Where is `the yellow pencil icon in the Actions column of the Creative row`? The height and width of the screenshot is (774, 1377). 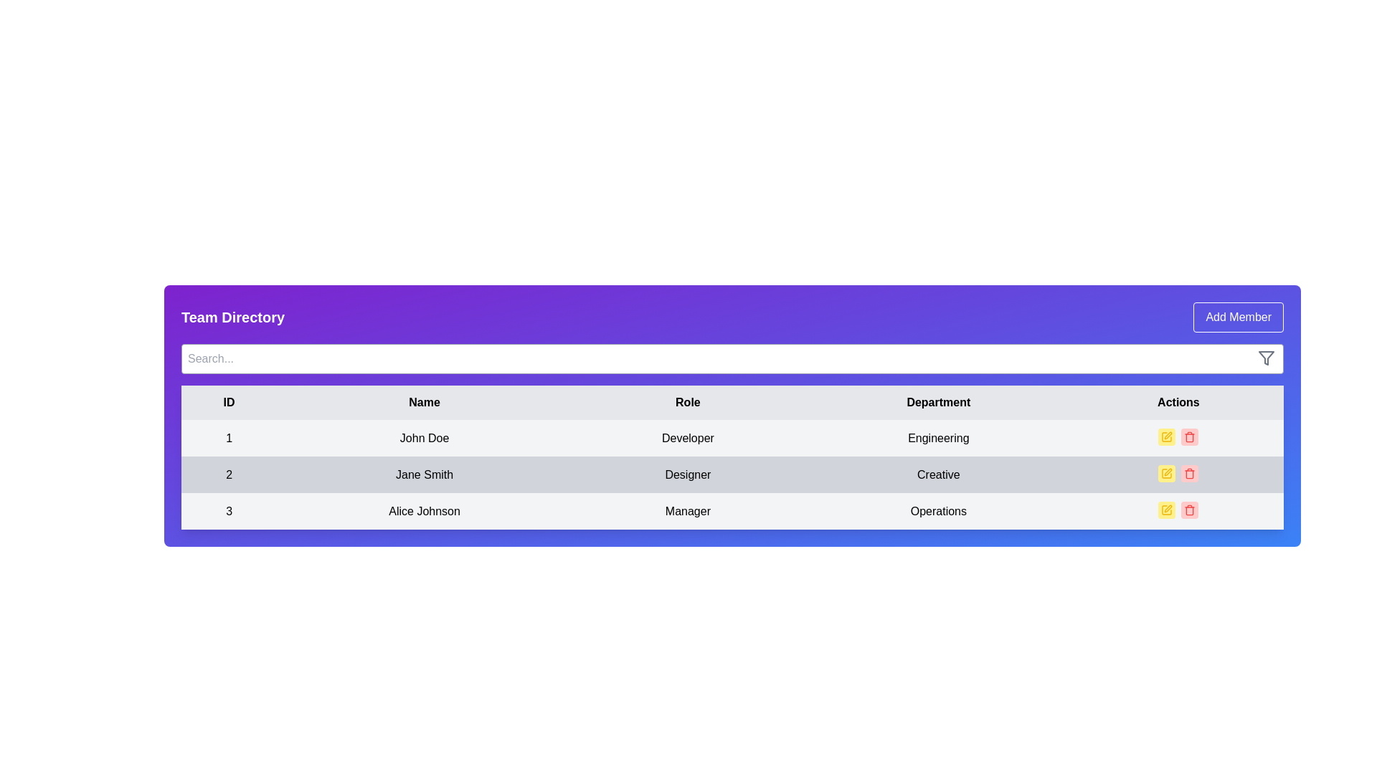
the yellow pencil icon in the Actions column of the Creative row is located at coordinates (1168, 472).